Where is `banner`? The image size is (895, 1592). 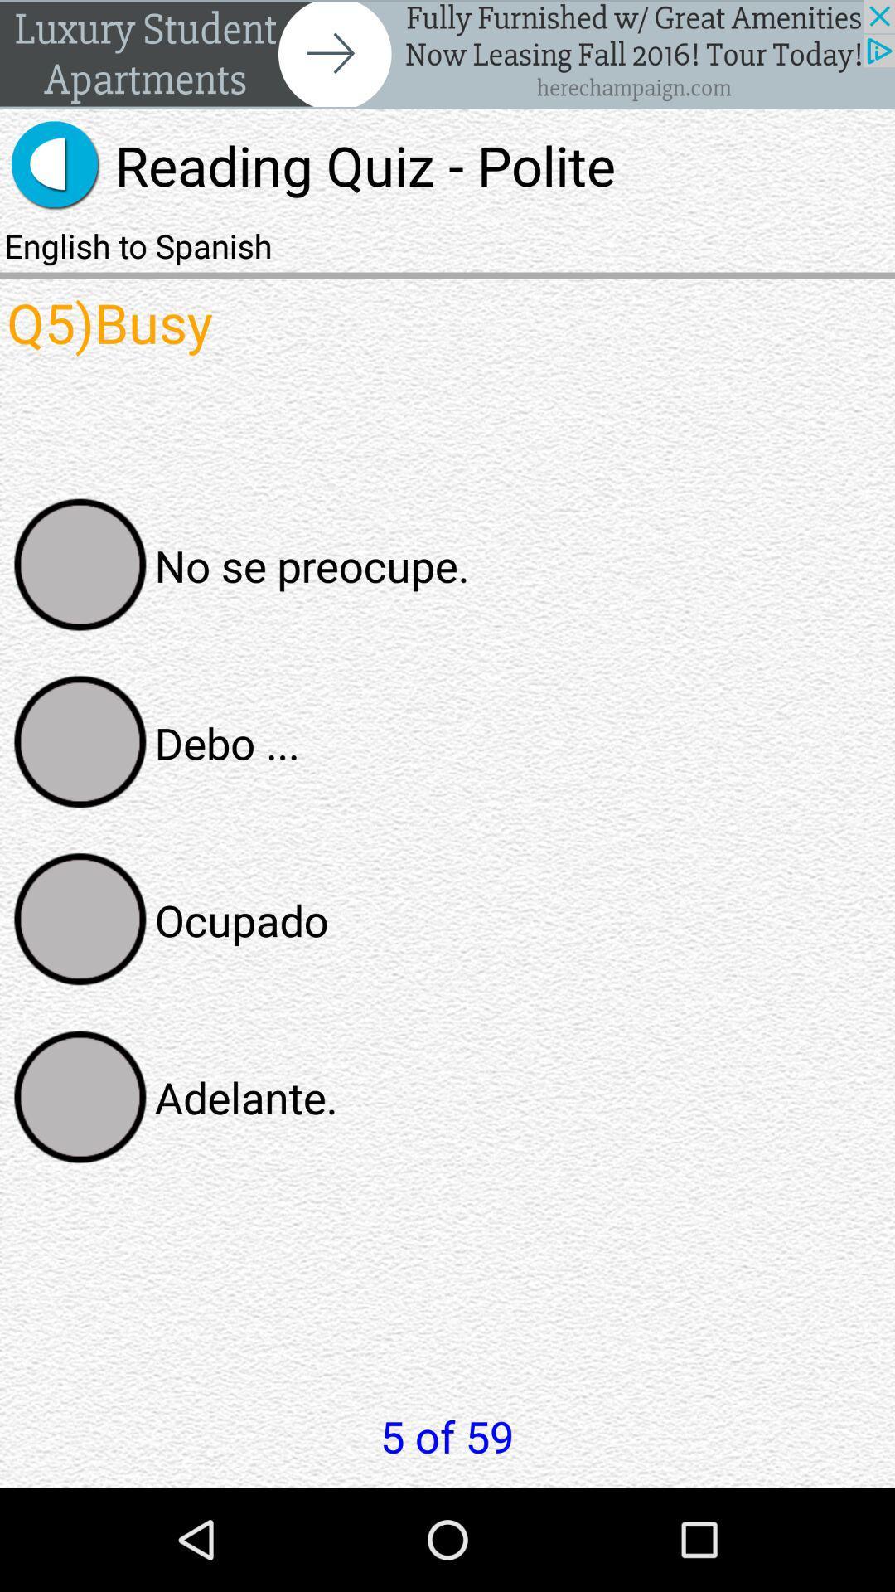
banner is located at coordinates (447, 54).